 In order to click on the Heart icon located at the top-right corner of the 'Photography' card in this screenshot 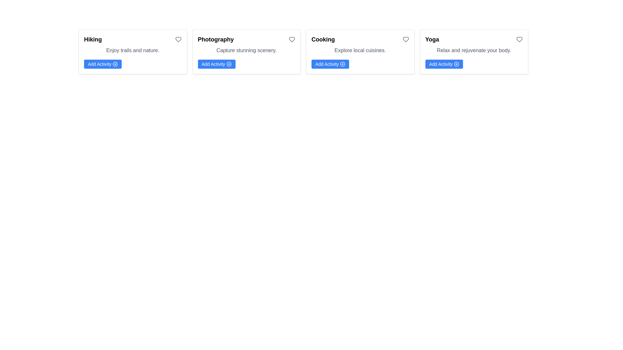, I will do `click(292, 40)`.